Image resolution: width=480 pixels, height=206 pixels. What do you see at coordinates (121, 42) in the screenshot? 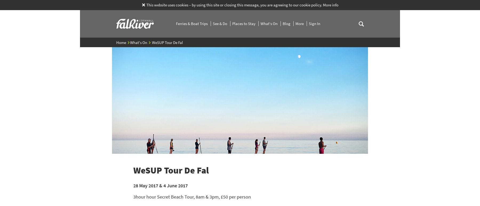
I see `'Home'` at bounding box center [121, 42].